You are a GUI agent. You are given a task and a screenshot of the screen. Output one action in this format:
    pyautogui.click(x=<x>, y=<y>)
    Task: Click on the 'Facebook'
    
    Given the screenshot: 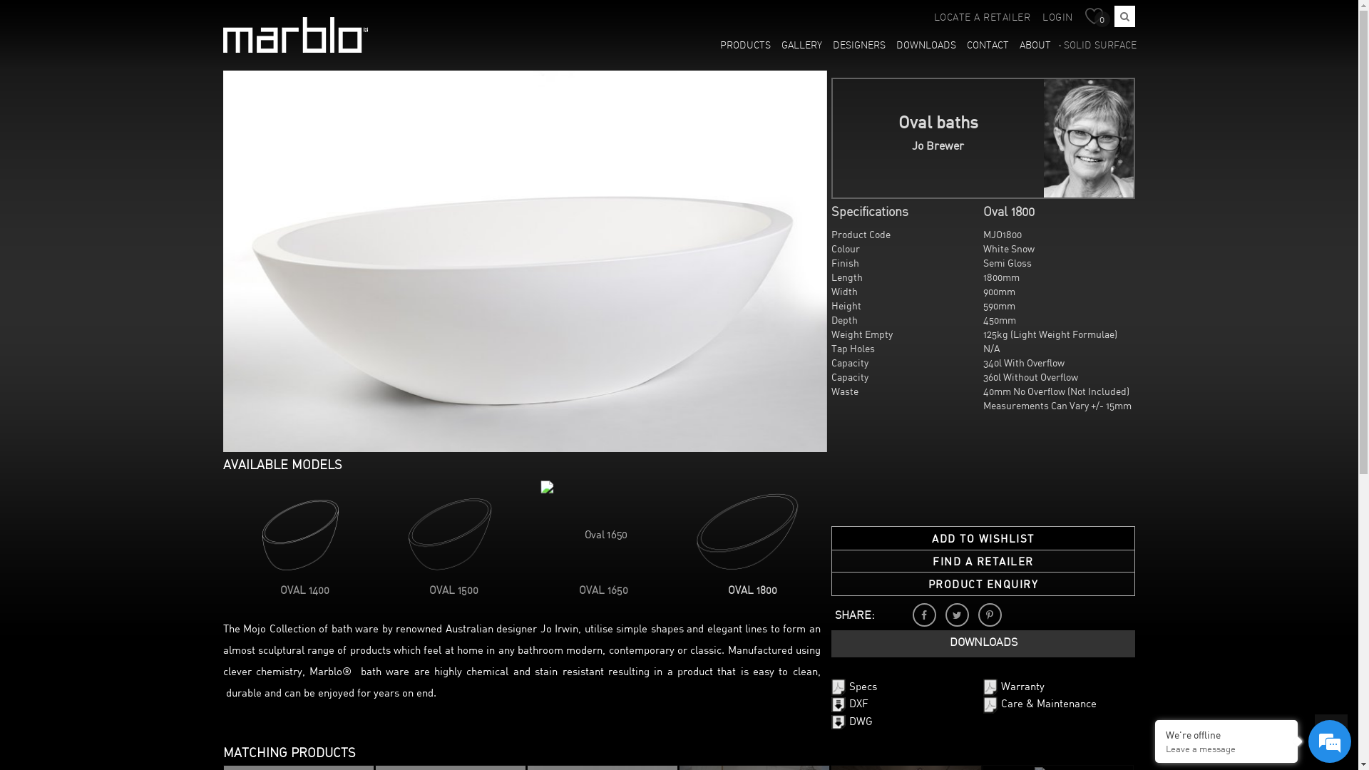 What is the action you would take?
    pyautogui.click(x=924, y=614)
    